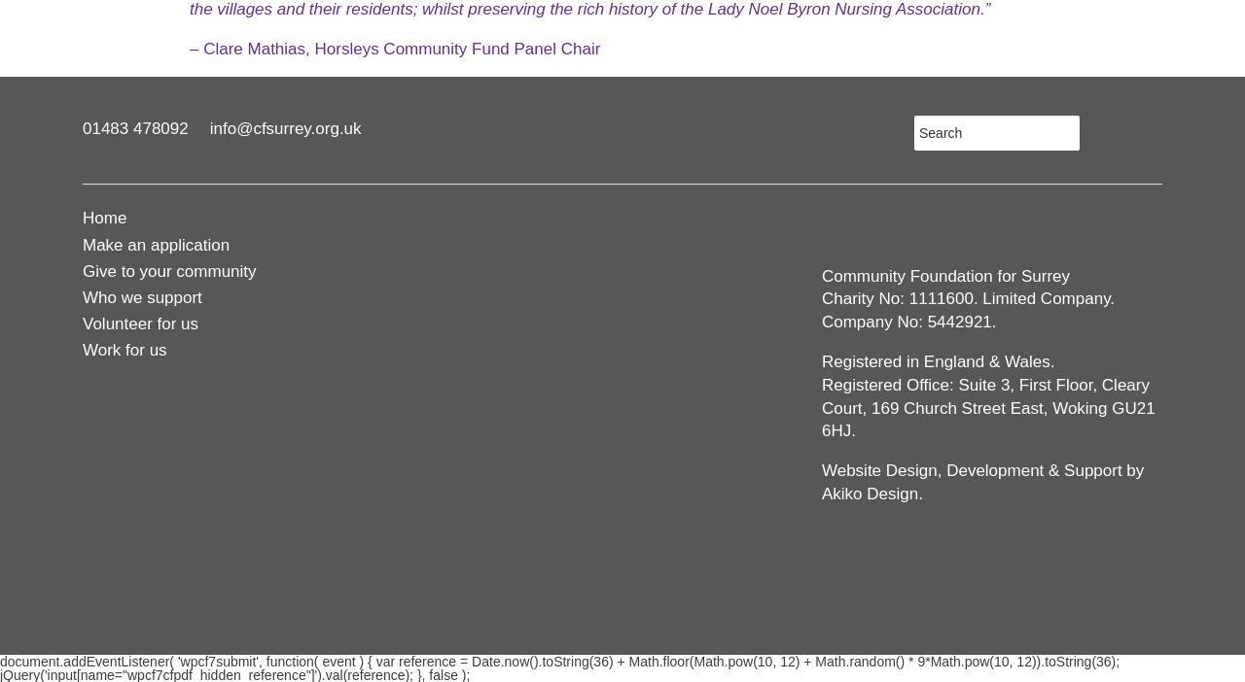 This screenshot has height=682, width=1245. What do you see at coordinates (168, 270) in the screenshot?
I see `'Give to your community'` at bounding box center [168, 270].